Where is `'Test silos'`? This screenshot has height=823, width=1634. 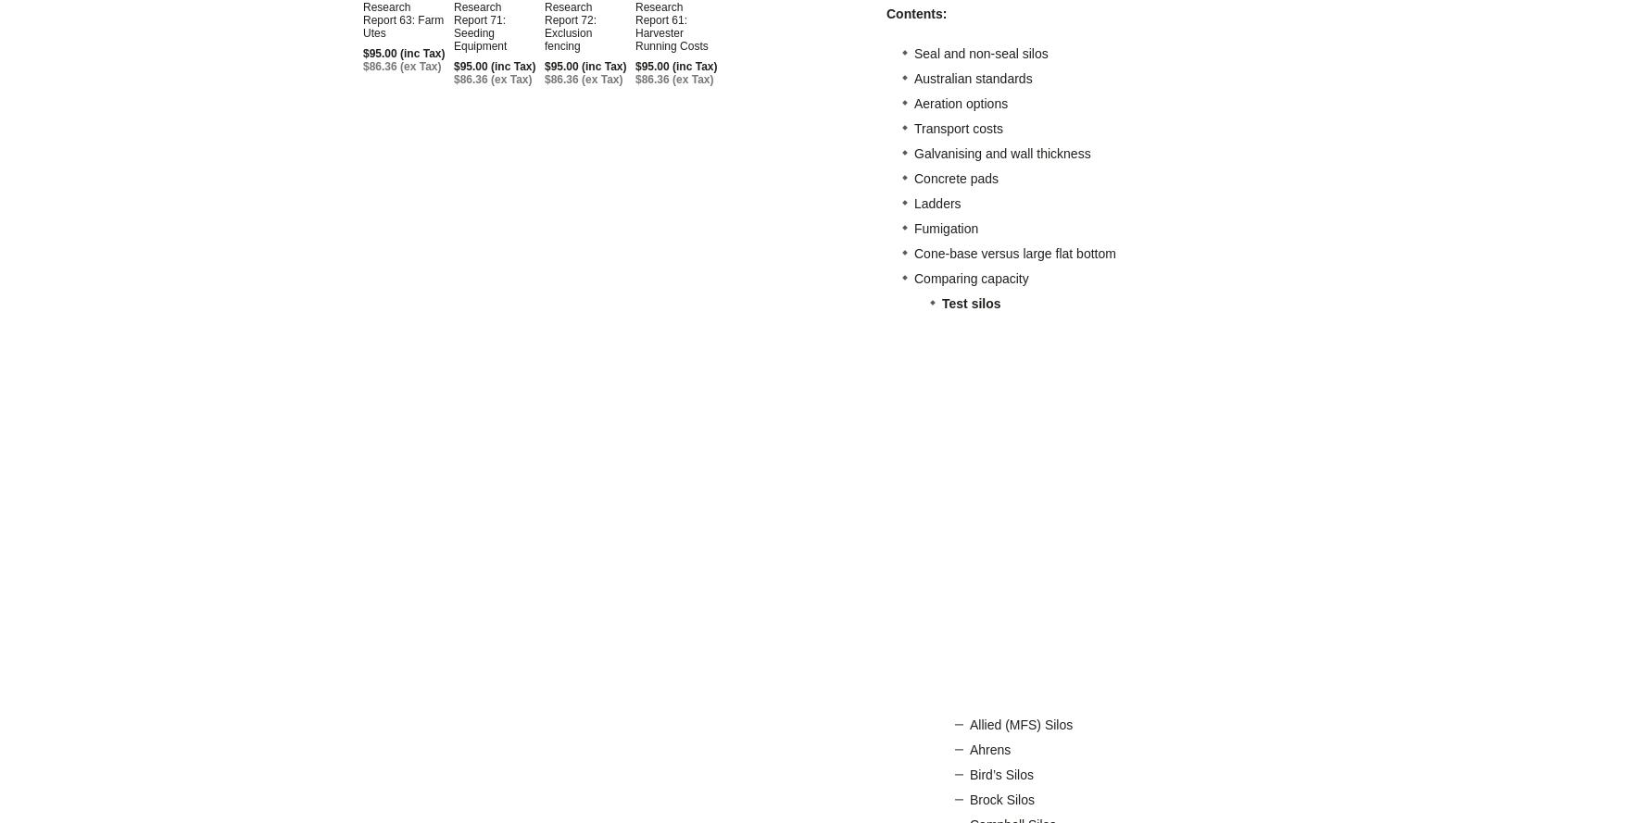 'Test silos' is located at coordinates (971, 303).